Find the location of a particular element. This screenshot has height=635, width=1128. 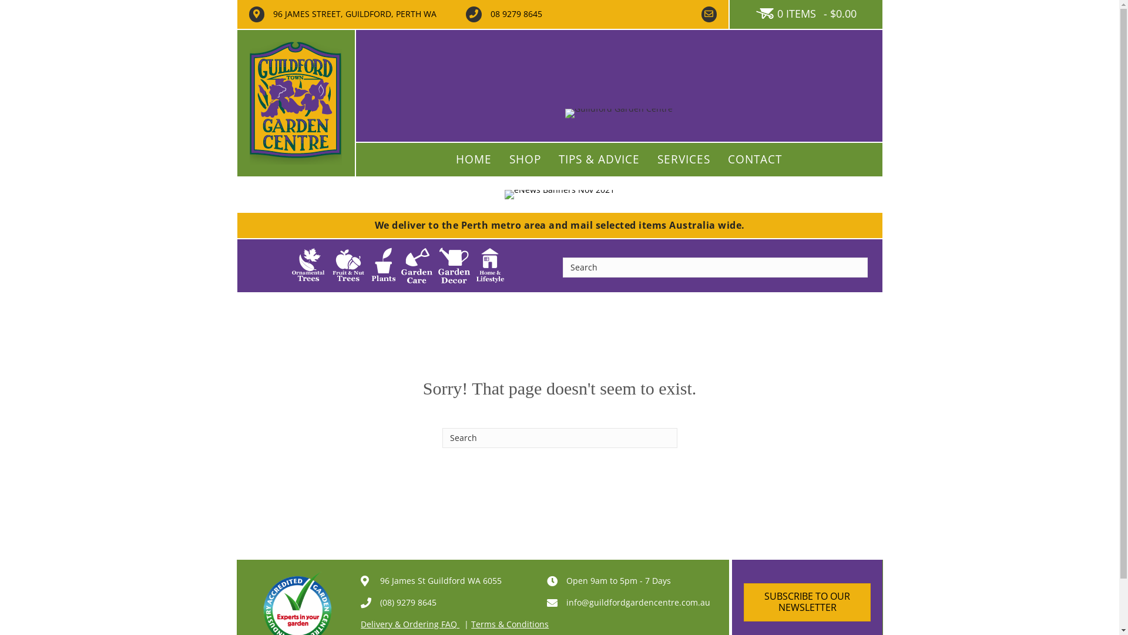

'CONTACT' is located at coordinates (755, 160).